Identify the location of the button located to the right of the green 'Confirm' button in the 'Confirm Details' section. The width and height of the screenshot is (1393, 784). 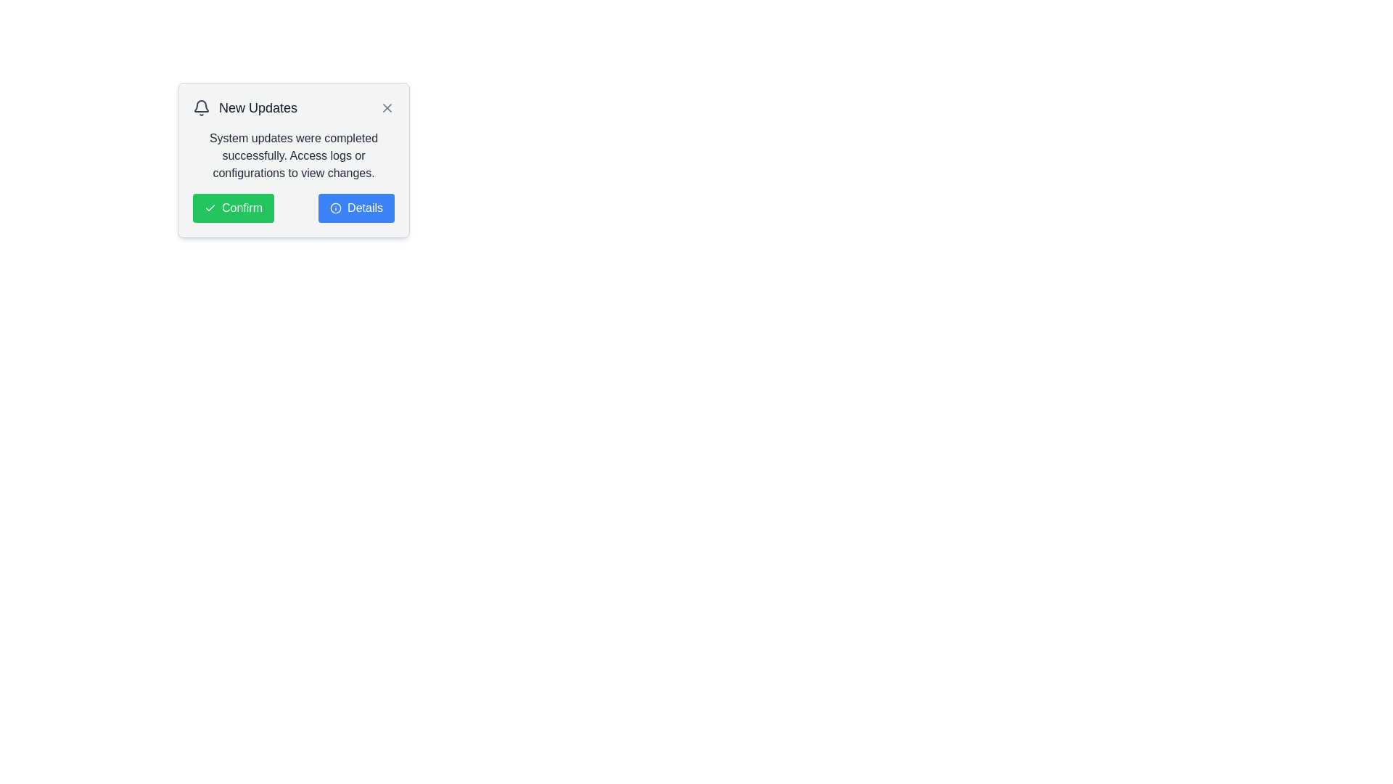
(356, 208).